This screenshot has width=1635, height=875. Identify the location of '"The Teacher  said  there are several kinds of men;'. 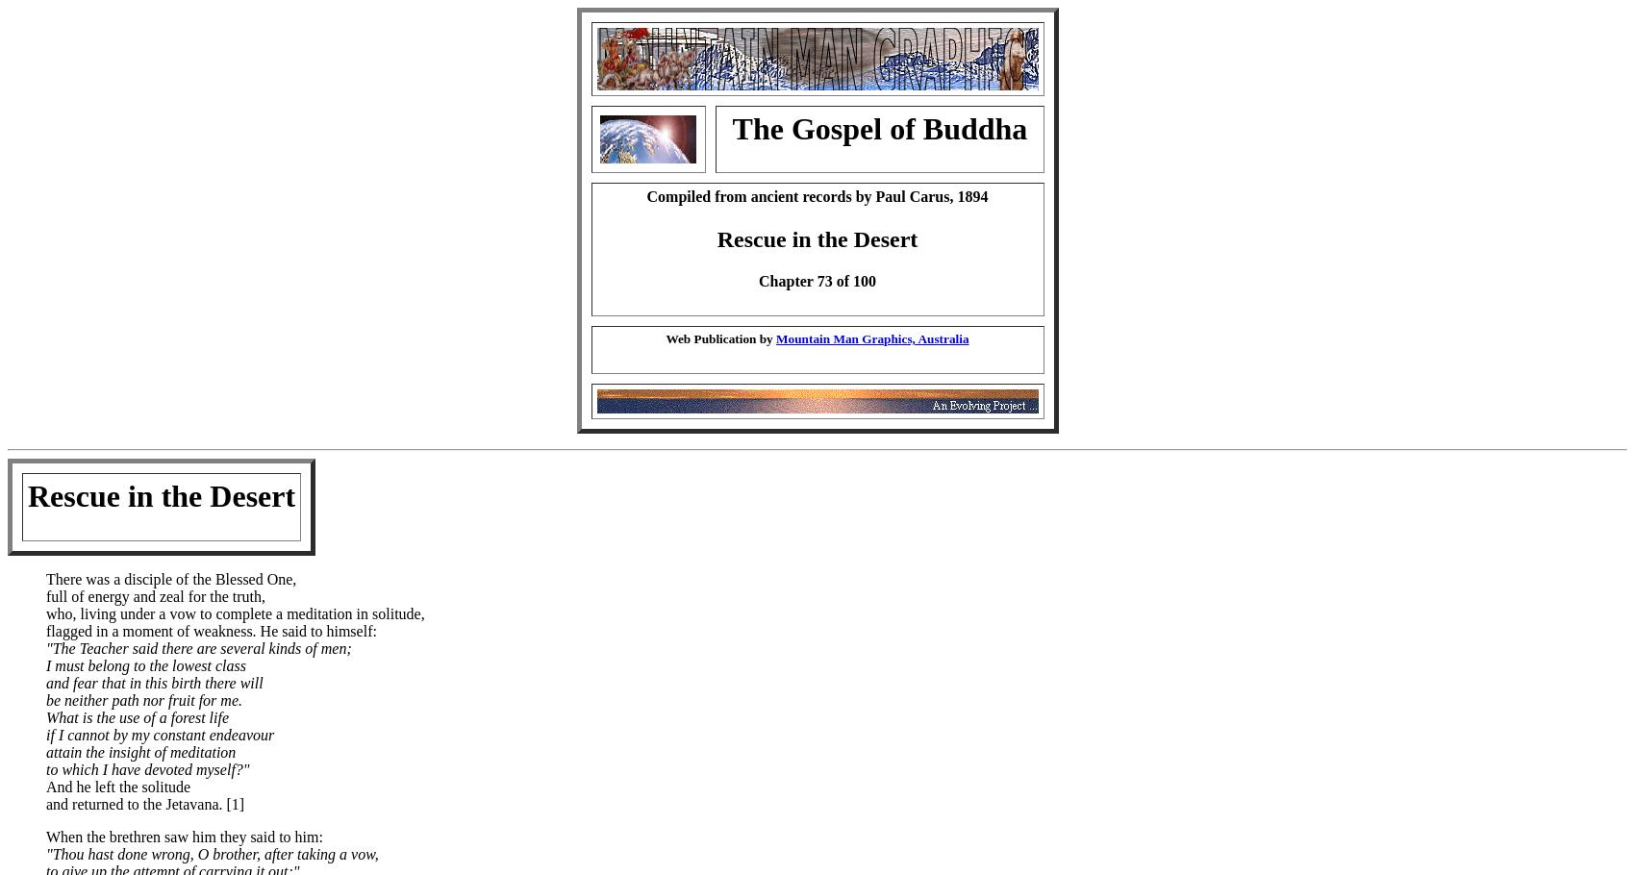
(197, 646).